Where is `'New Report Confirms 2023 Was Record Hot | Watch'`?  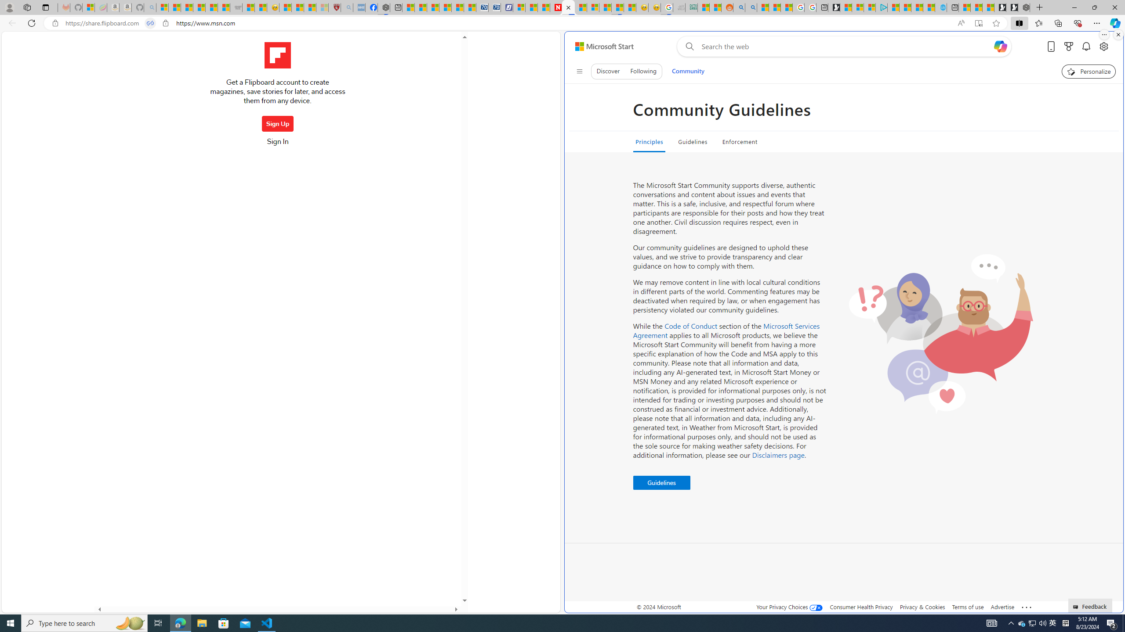
'New Report Confirms 2023 Was Record Hot | Watch' is located at coordinates (211, 7).